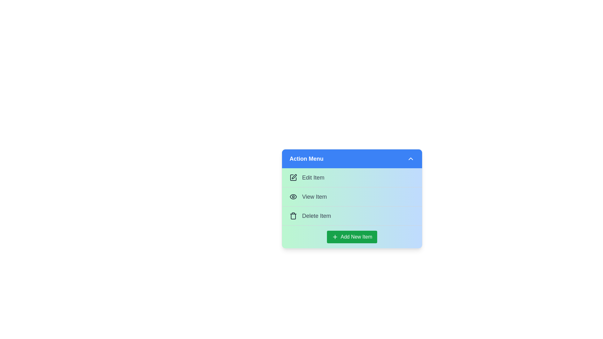 This screenshot has height=339, width=603. Describe the element at coordinates (411, 158) in the screenshot. I see `toggle button in the header to toggle the menu visibility` at that location.